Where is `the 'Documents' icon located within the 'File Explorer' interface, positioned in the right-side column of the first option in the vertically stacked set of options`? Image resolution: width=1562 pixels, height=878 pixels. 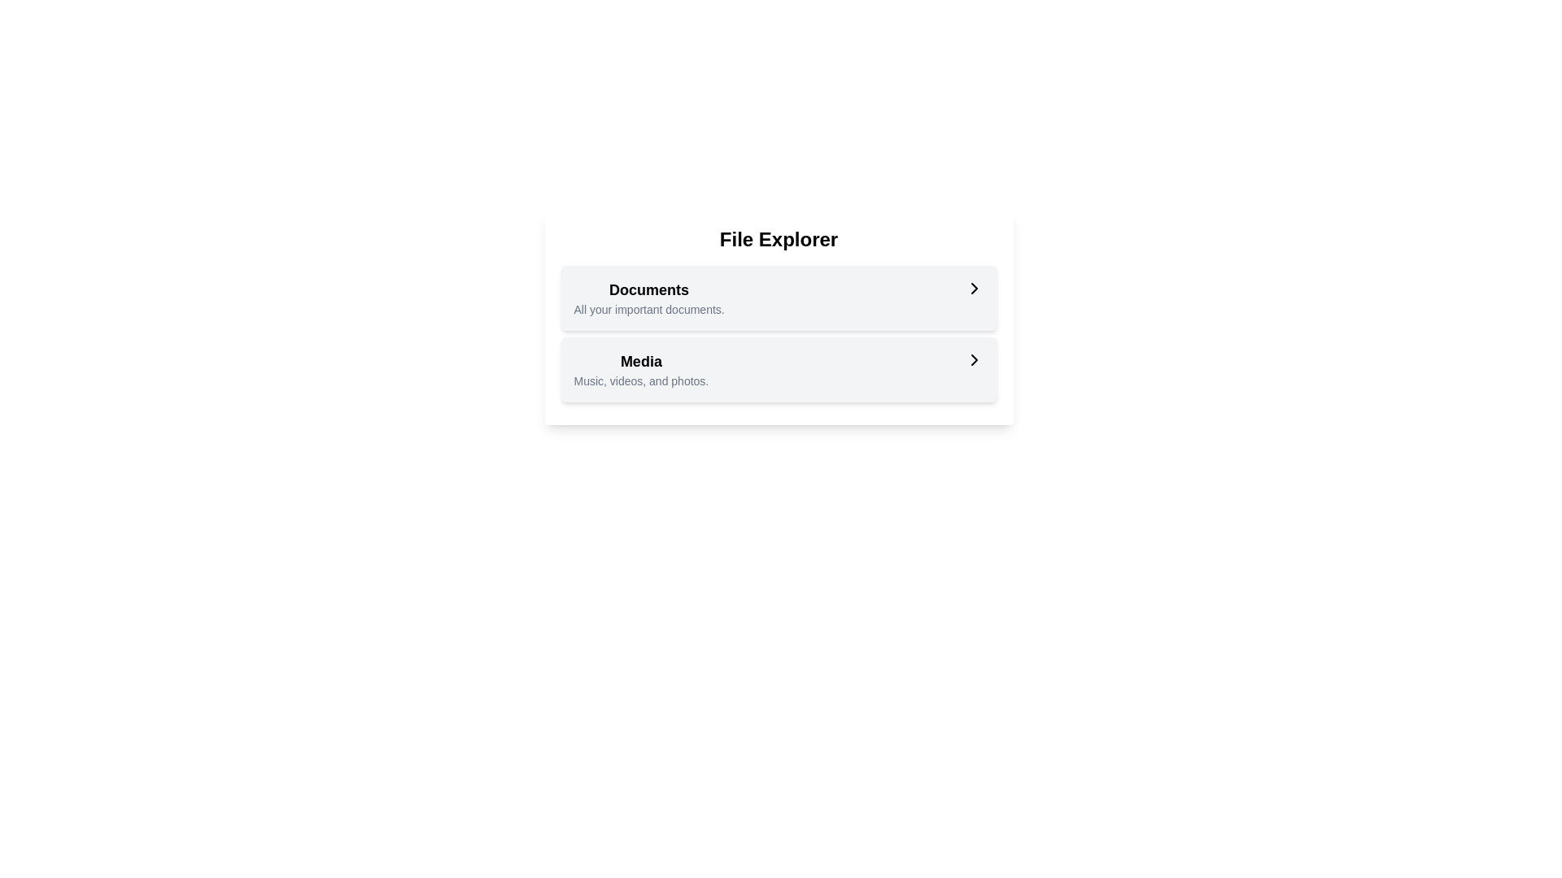
the 'Documents' icon located within the 'File Explorer' interface, positioned in the right-side column of the first option in the vertically stacked set of options is located at coordinates (974, 287).